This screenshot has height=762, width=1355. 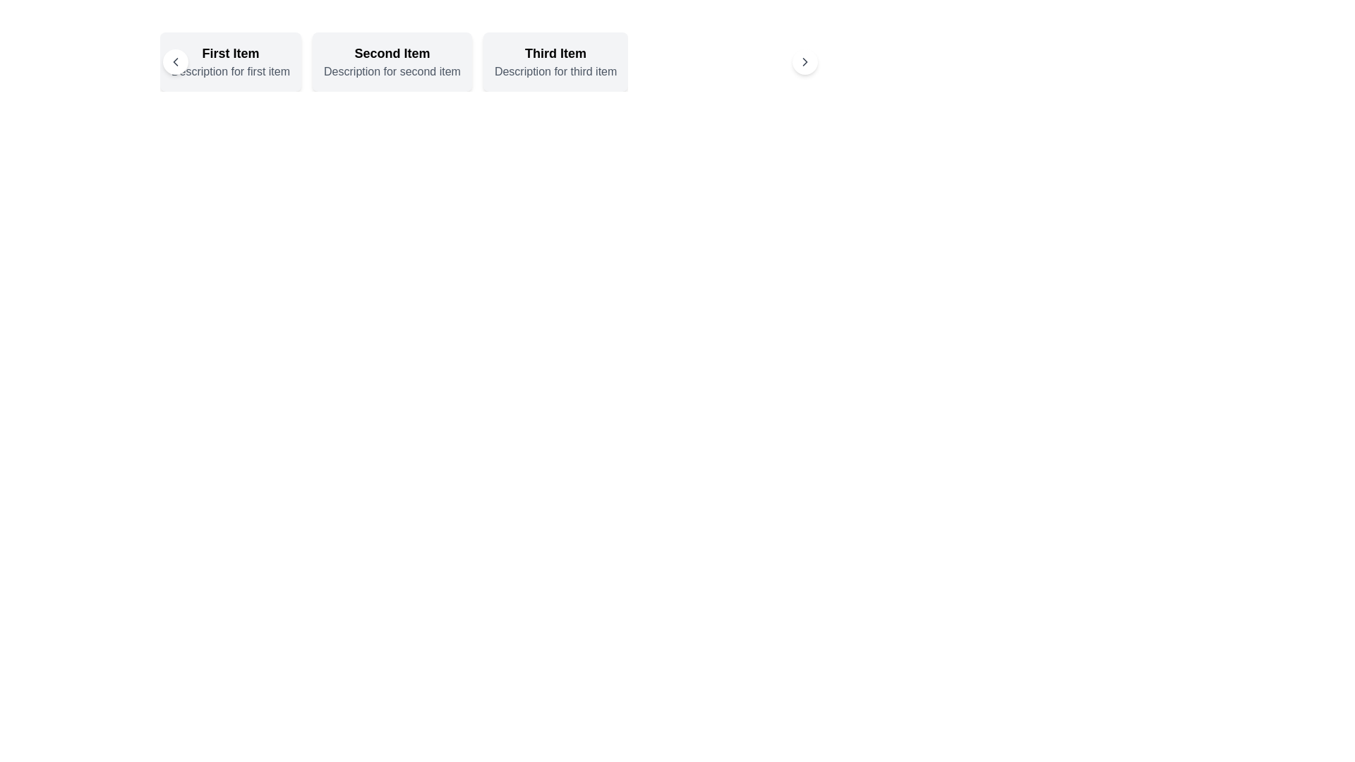 I want to click on the third section of the horizontally aligned panel labeled 'Third Item' with the description 'Description for third item', so click(x=490, y=61).